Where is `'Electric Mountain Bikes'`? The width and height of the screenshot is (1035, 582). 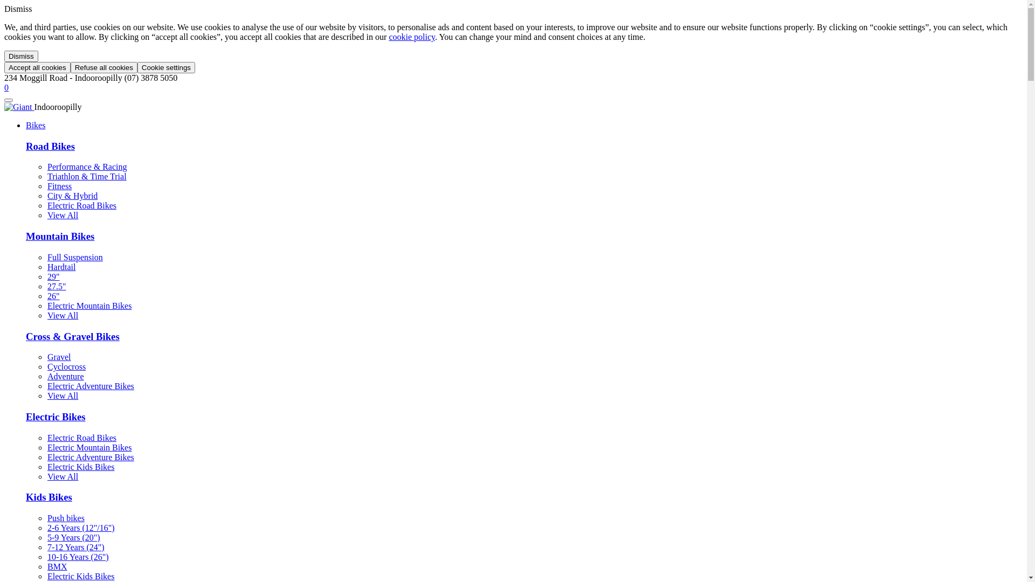 'Electric Mountain Bikes' is located at coordinates (89, 306).